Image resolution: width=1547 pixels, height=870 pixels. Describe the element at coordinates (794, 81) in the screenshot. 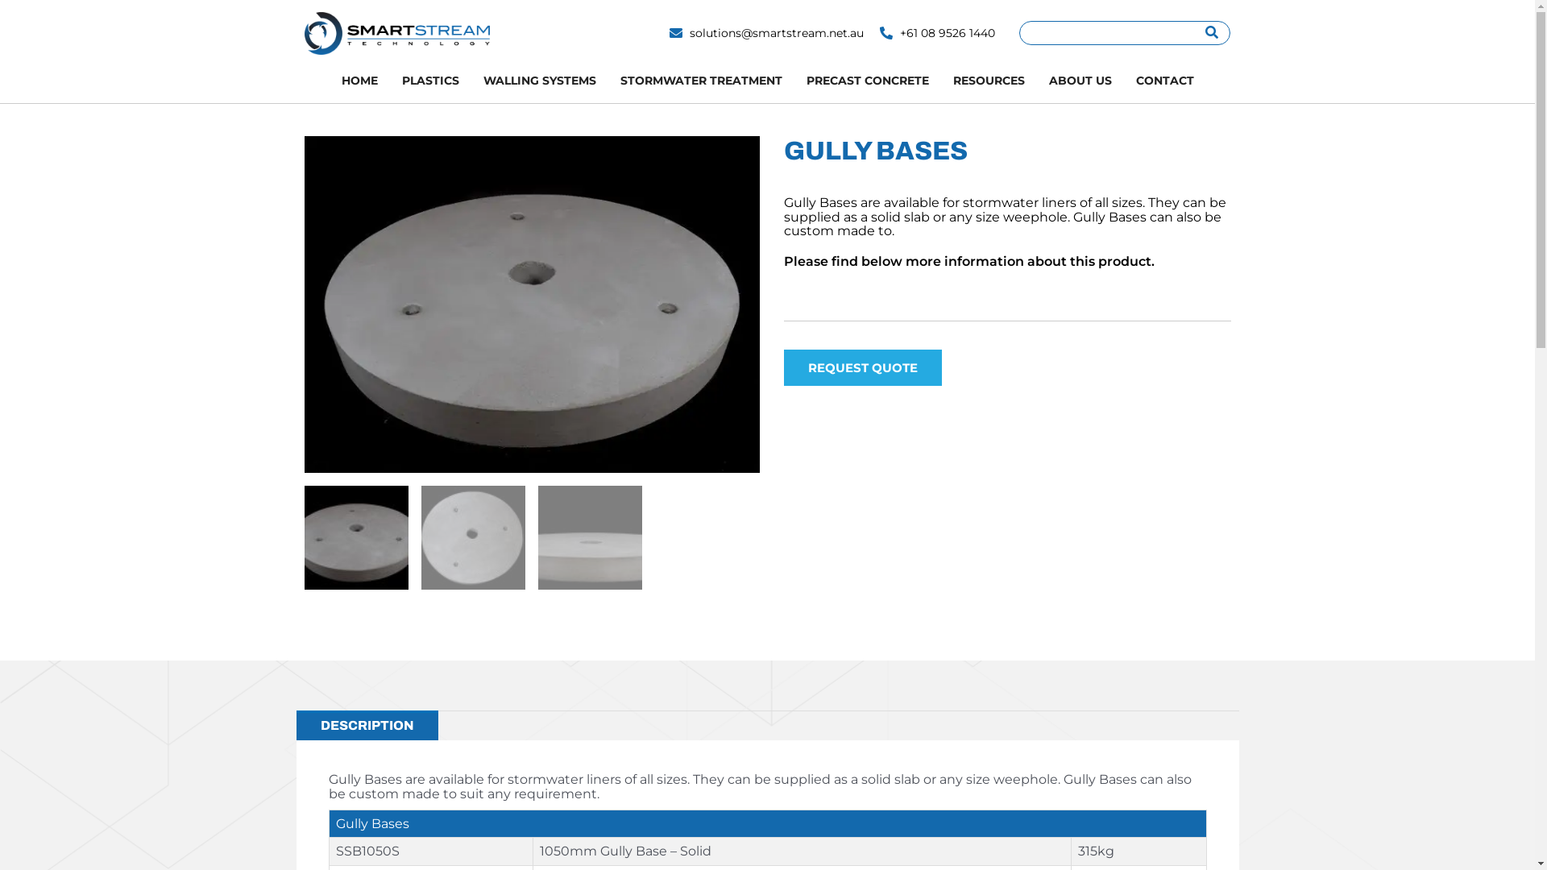

I see `'PRECAST CONCRETE'` at that location.